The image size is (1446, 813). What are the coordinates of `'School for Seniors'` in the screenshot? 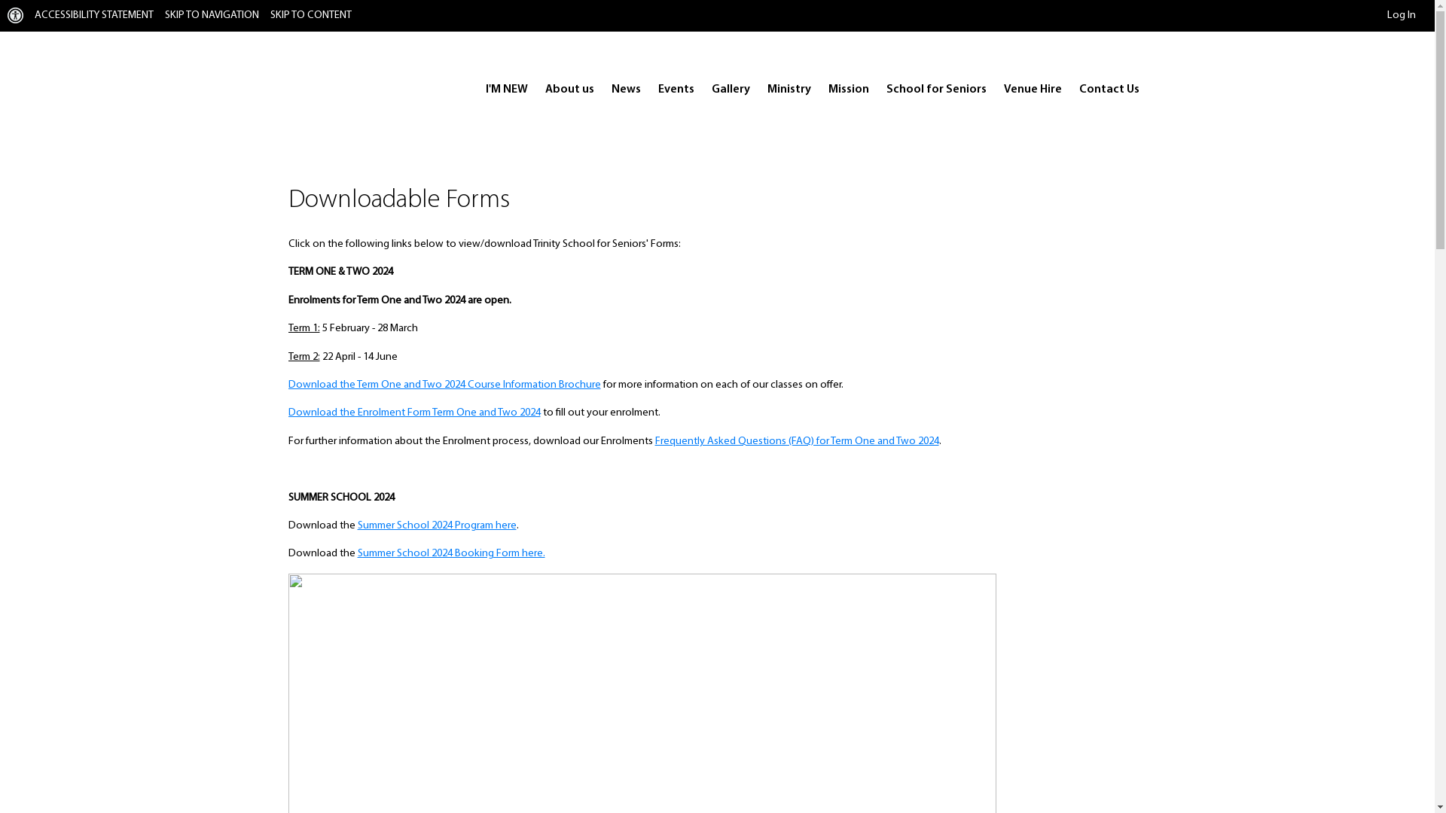 It's located at (935, 90).